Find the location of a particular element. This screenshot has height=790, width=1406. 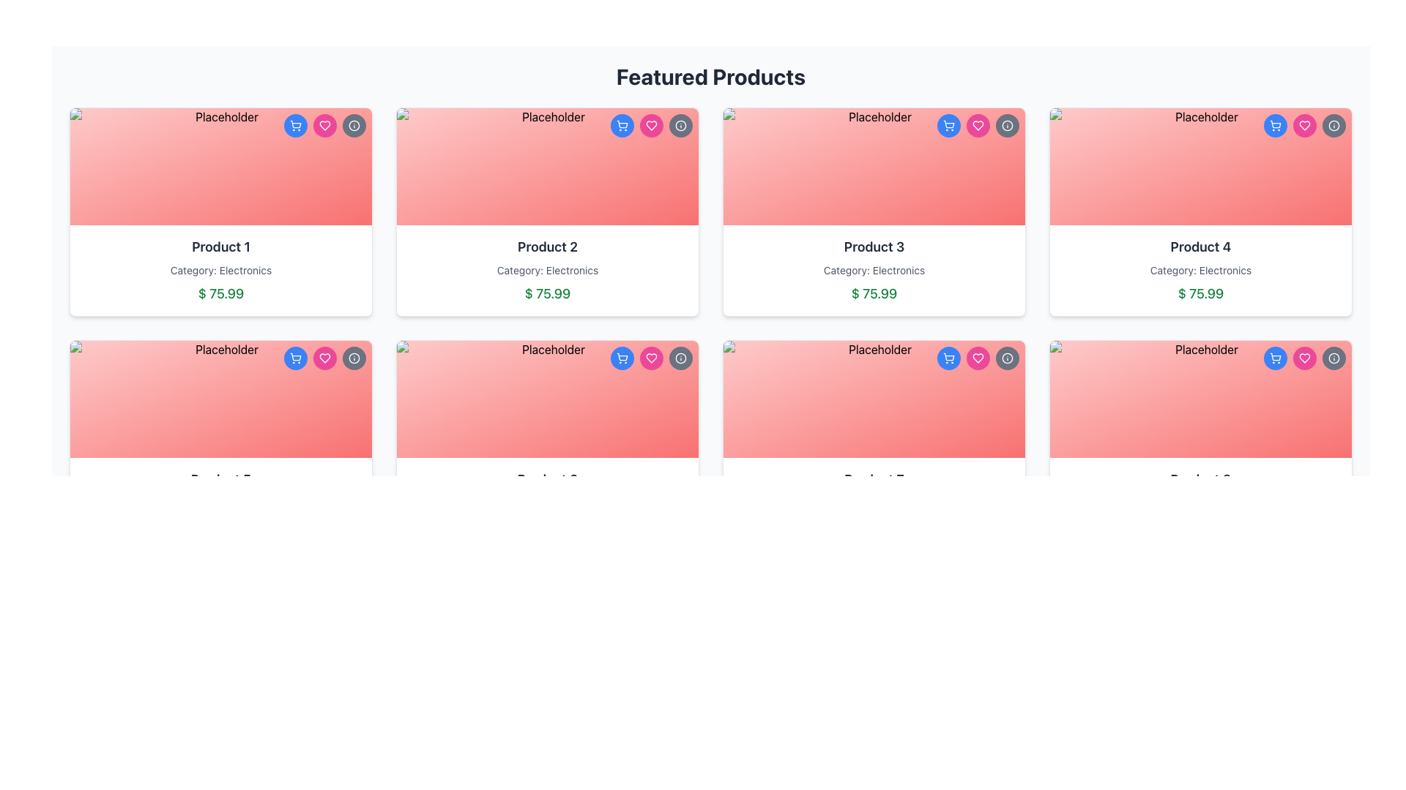

the circular information icon located in the top-right corner of the 'Product 4' card is located at coordinates (1334, 125).